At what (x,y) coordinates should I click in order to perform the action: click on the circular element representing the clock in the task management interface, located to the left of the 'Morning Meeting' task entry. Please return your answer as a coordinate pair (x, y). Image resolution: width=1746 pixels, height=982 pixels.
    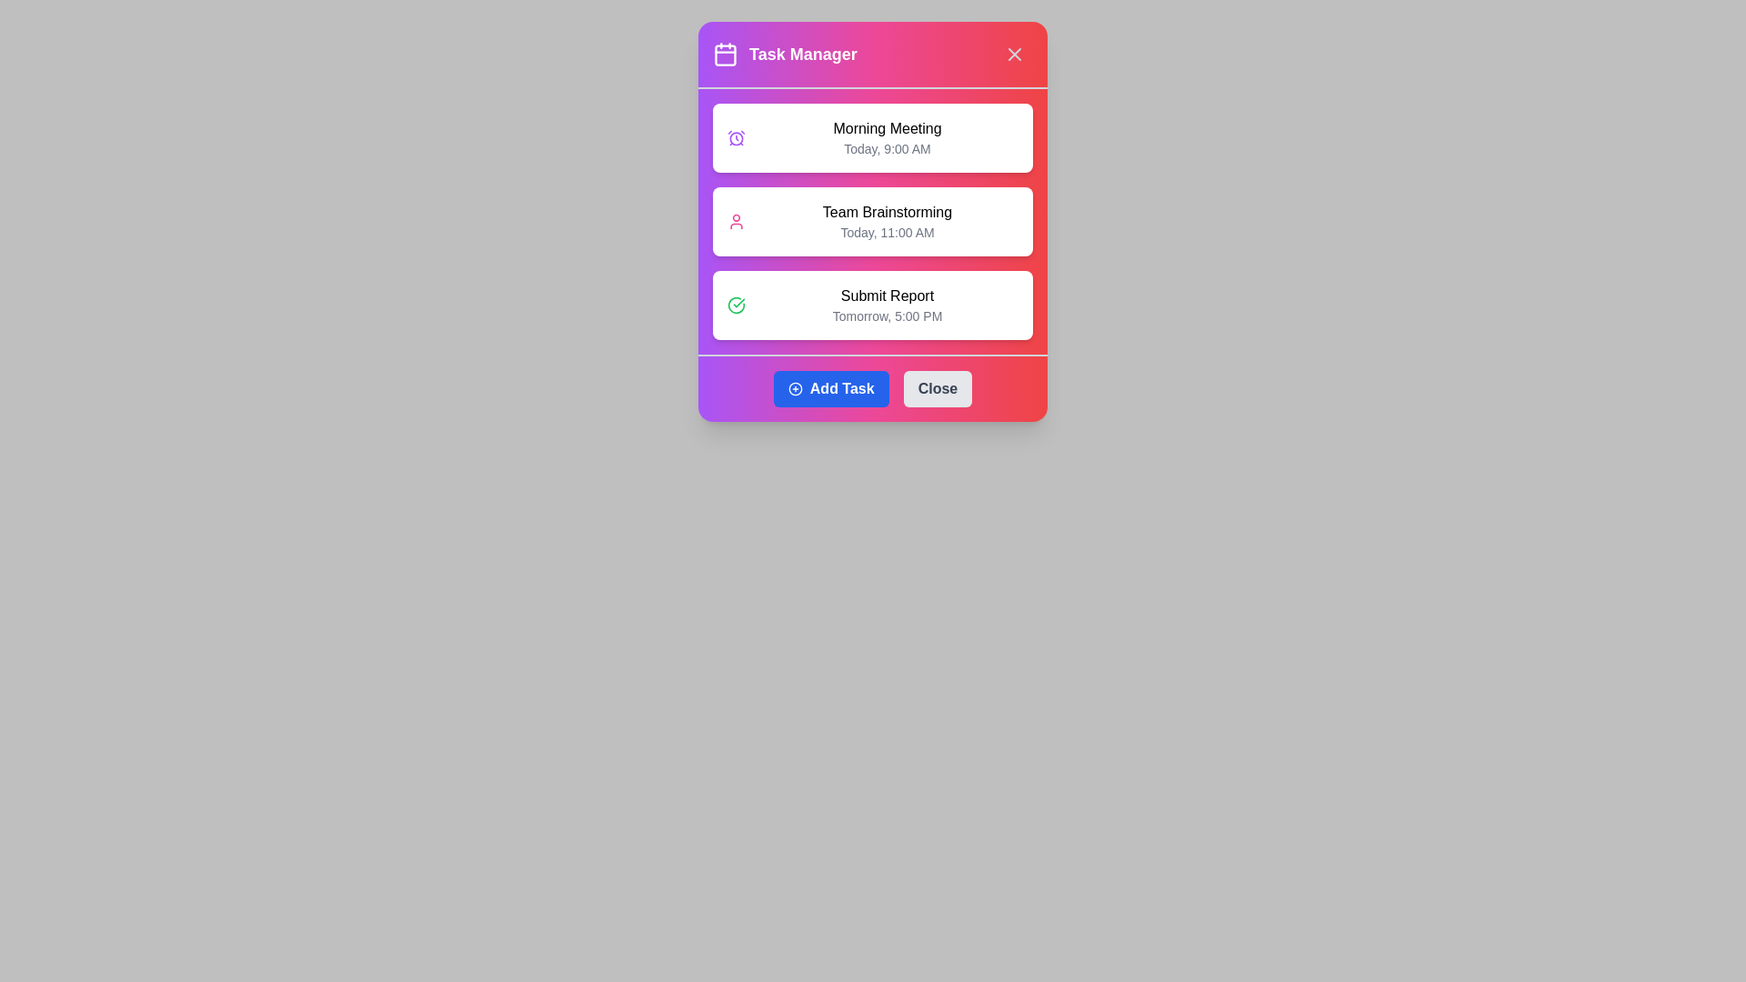
    Looking at the image, I should click on (737, 136).